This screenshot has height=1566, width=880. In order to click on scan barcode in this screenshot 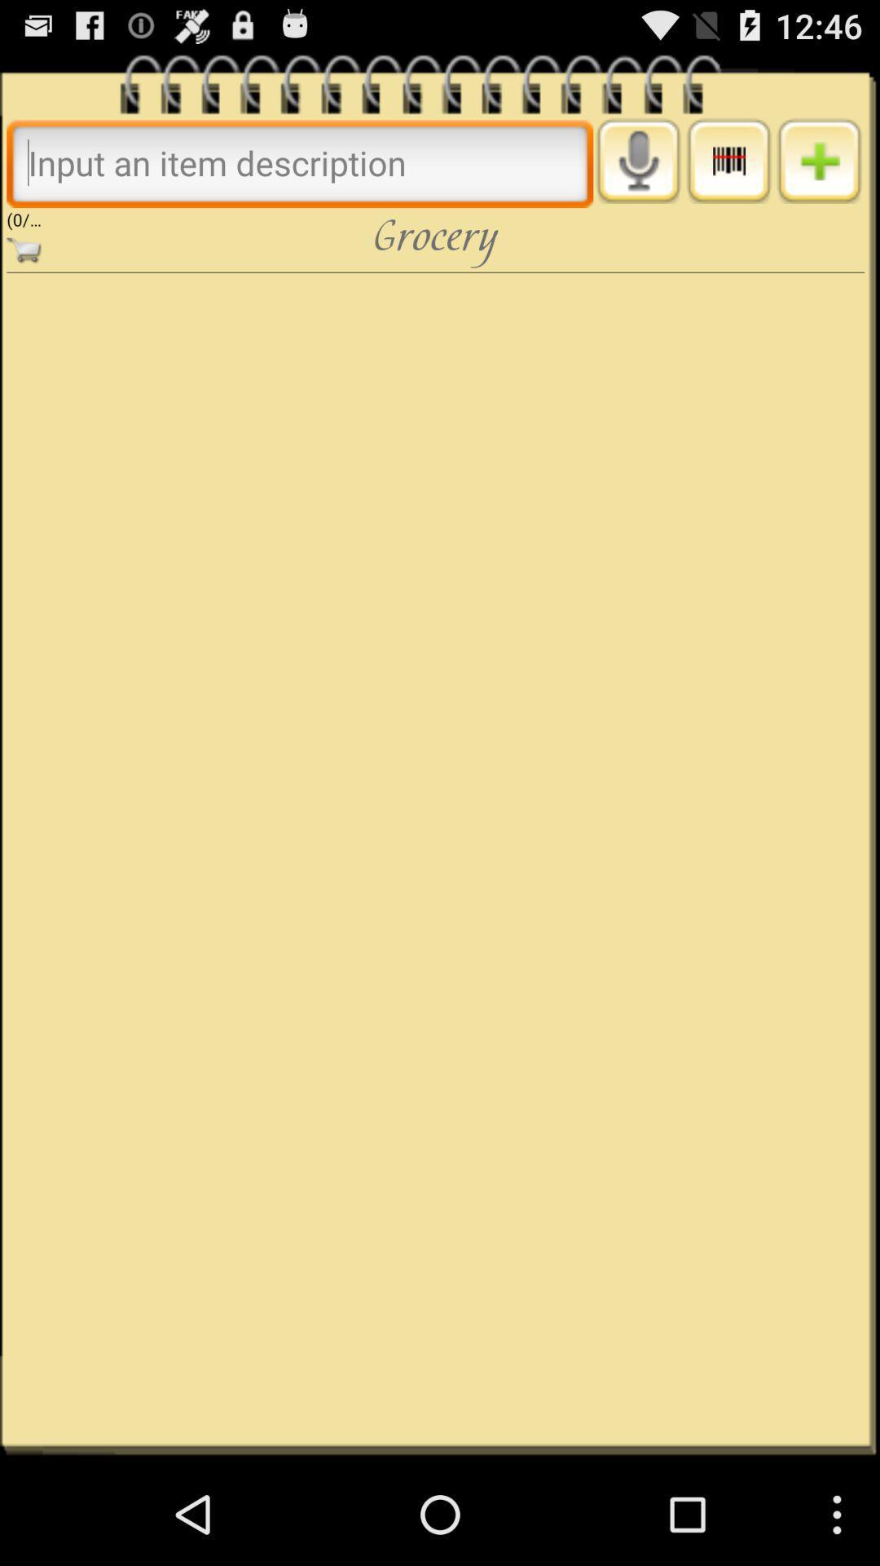, I will do `click(728, 161)`.